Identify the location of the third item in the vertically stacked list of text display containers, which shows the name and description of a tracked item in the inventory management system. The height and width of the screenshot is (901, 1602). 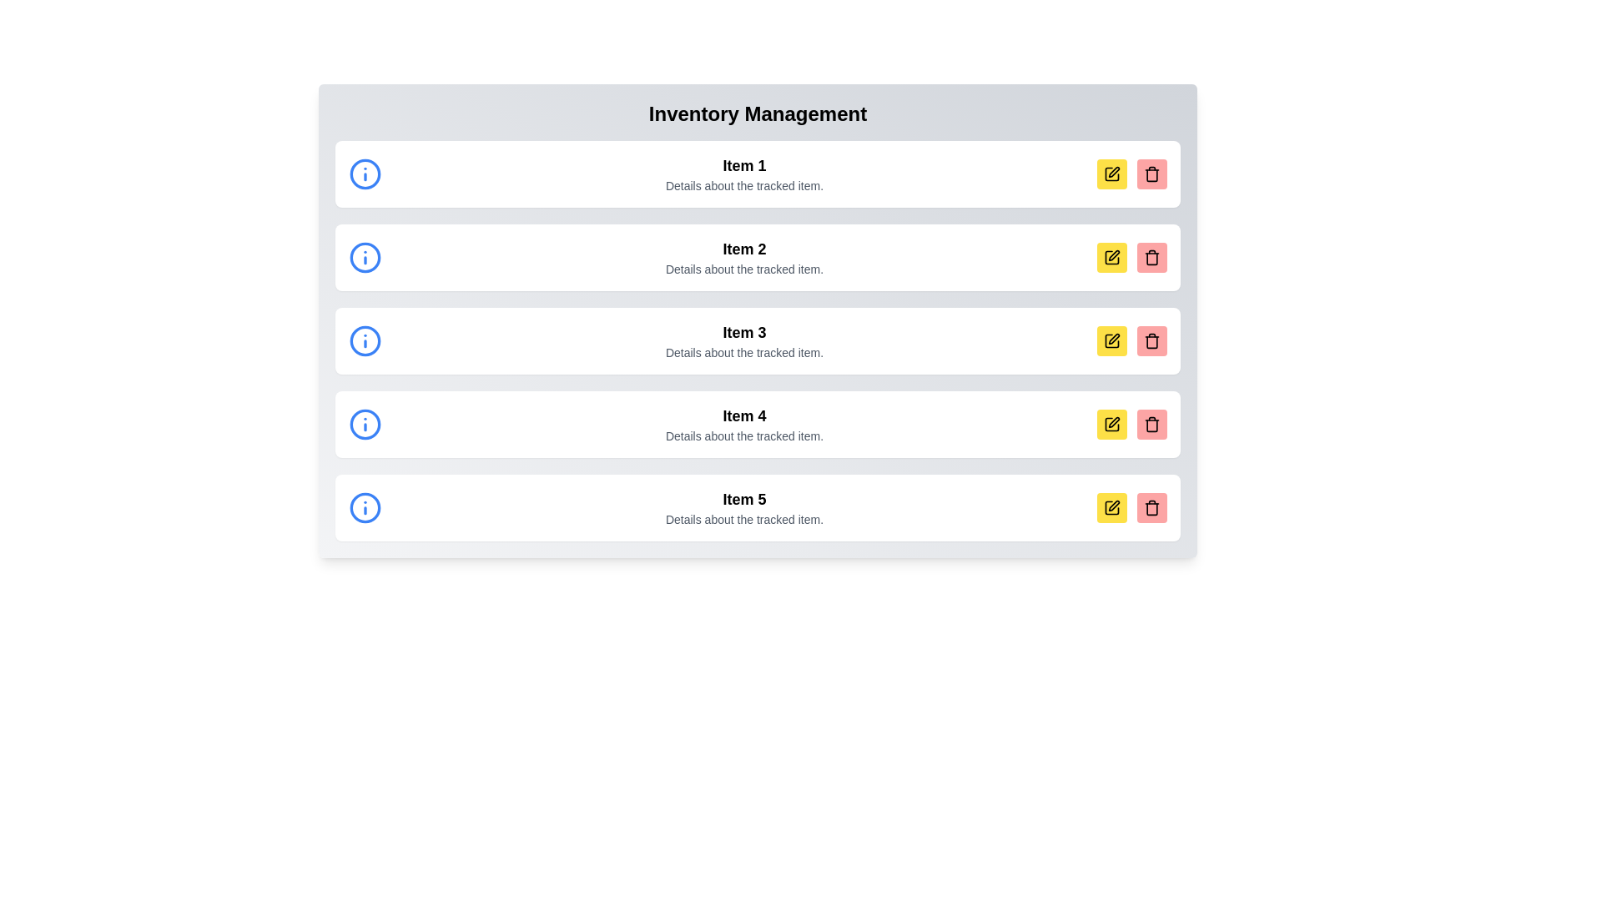
(743, 340).